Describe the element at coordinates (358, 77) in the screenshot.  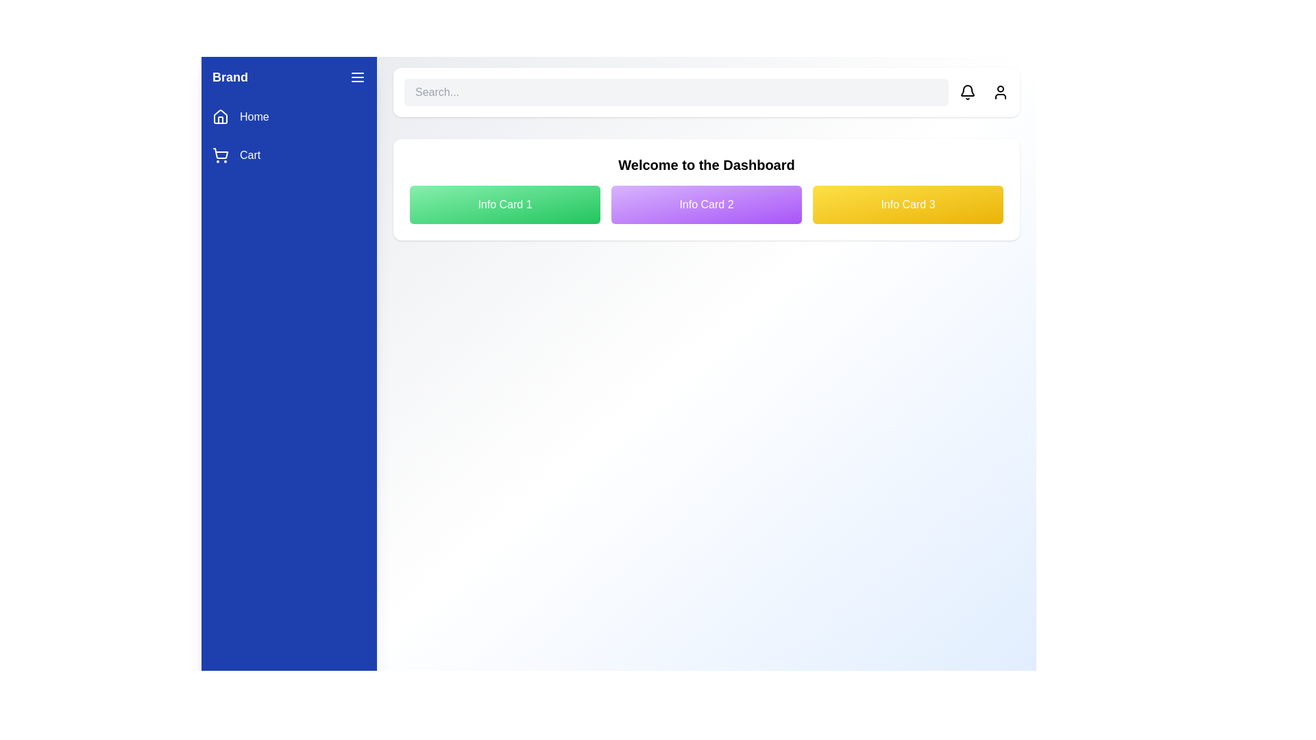
I see `the menu icon to toggle the sidebar visibility` at that location.